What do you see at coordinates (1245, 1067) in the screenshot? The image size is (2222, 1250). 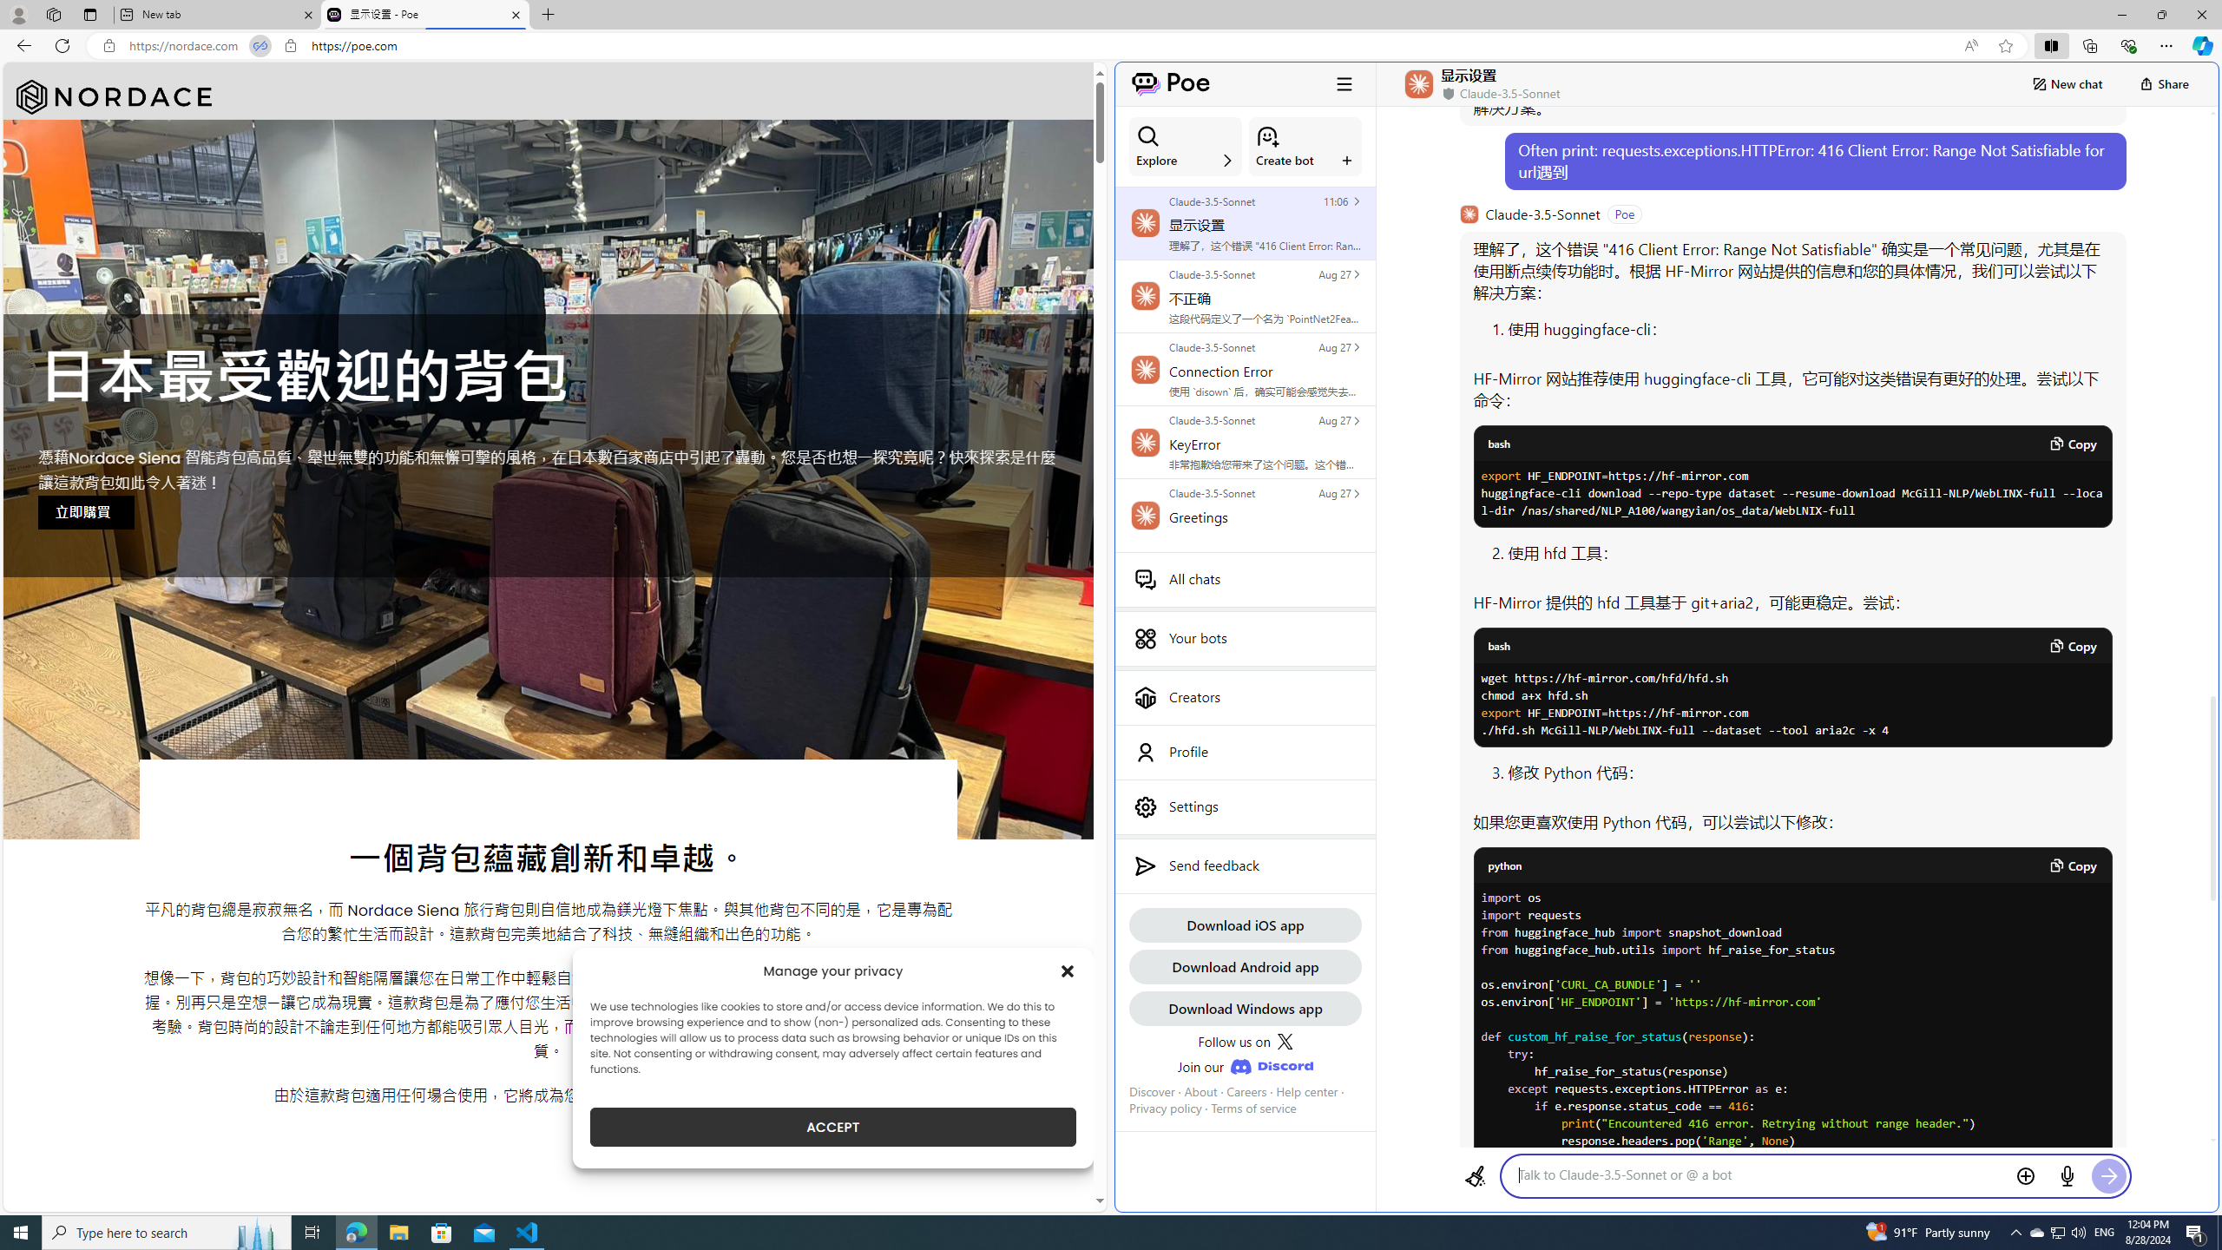 I see `'Join our'` at bounding box center [1245, 1067].